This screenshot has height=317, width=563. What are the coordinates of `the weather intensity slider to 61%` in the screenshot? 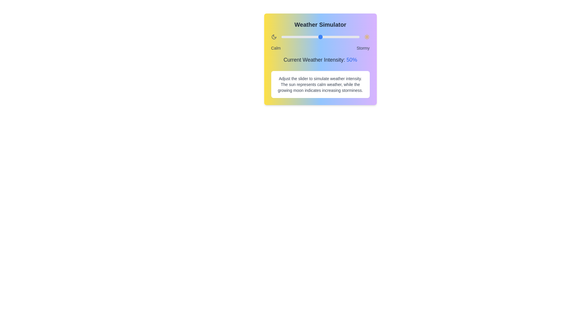 It's located at (329, 37).